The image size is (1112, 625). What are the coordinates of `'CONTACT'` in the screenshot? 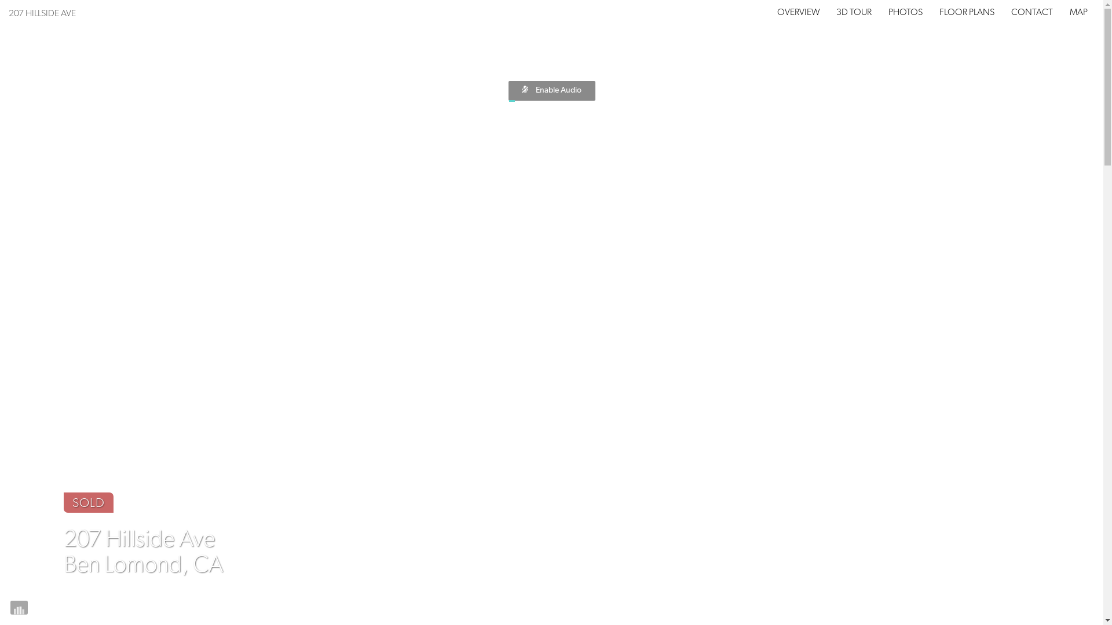 It's located at (1031, 13).